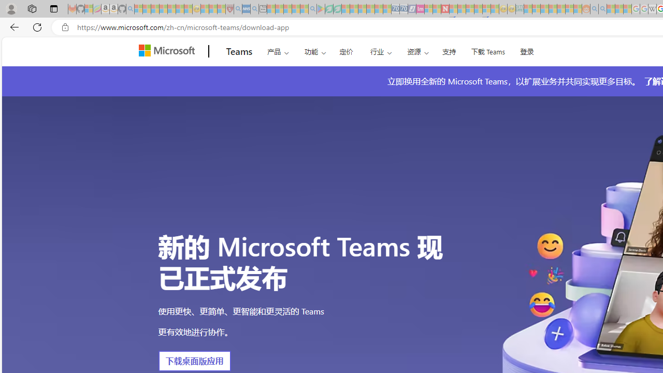 Image resolution: width=663 pixels, height=373 pixels. I want to click on 'Target page - Wikipedia - Sleeping', so click(652, 9).